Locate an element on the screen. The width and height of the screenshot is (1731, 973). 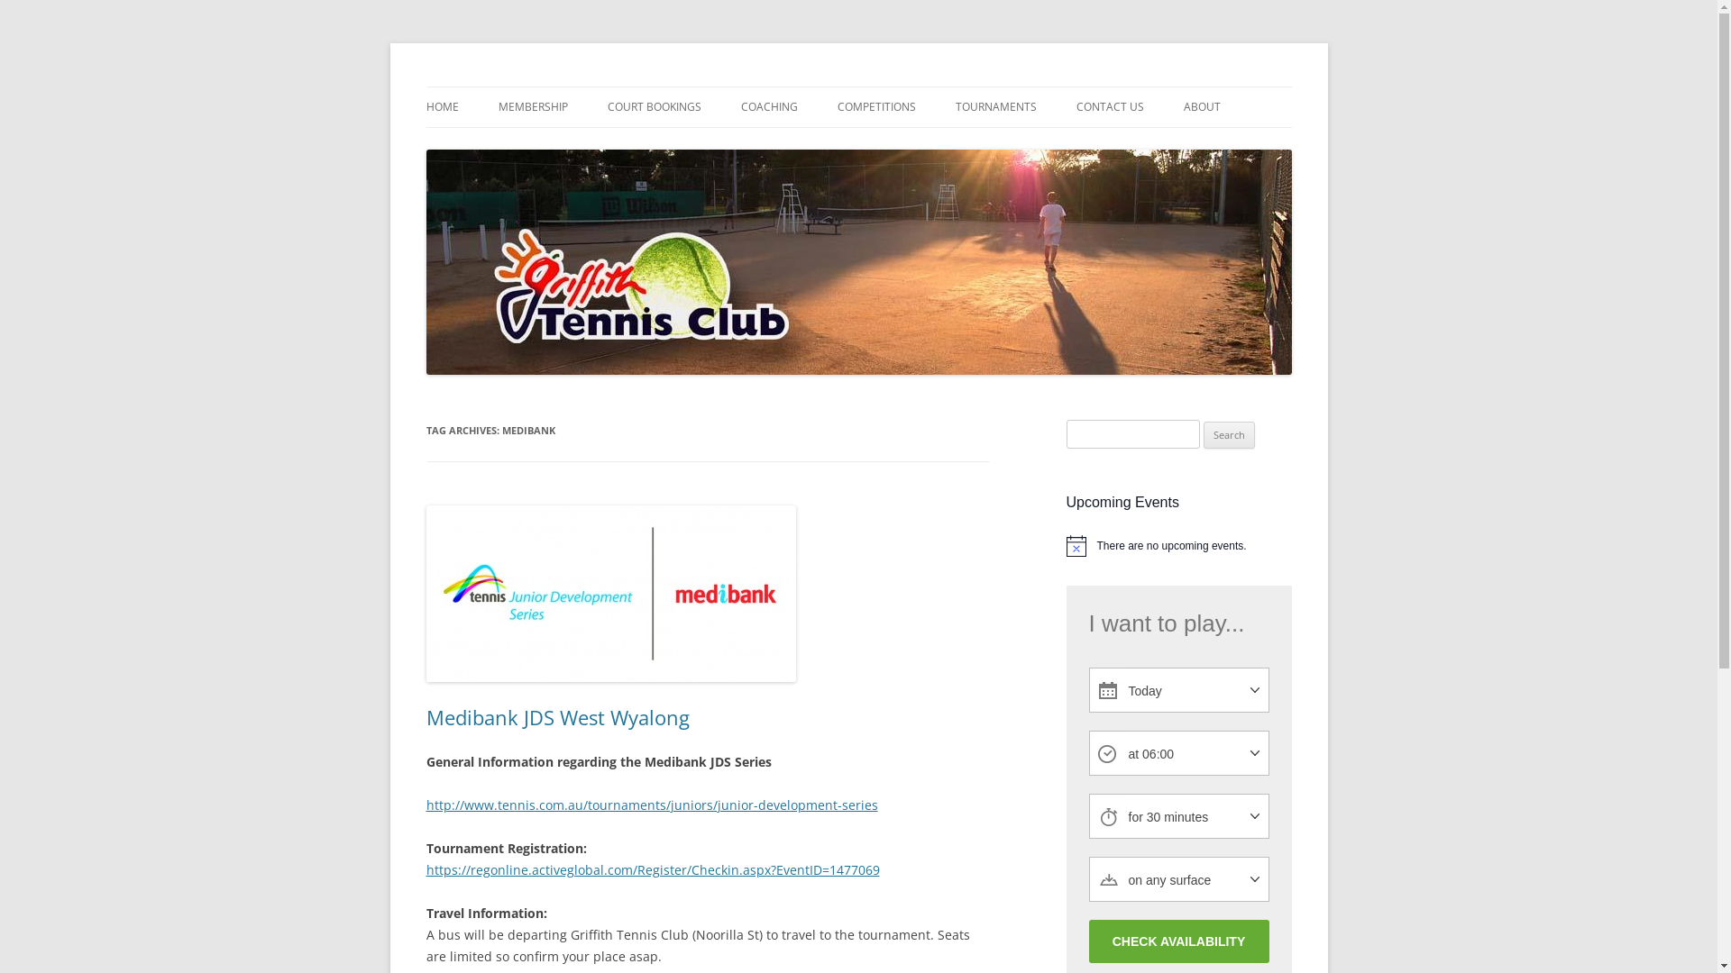
'COURT BOOKINGS' is located at coordinates (653, 107).